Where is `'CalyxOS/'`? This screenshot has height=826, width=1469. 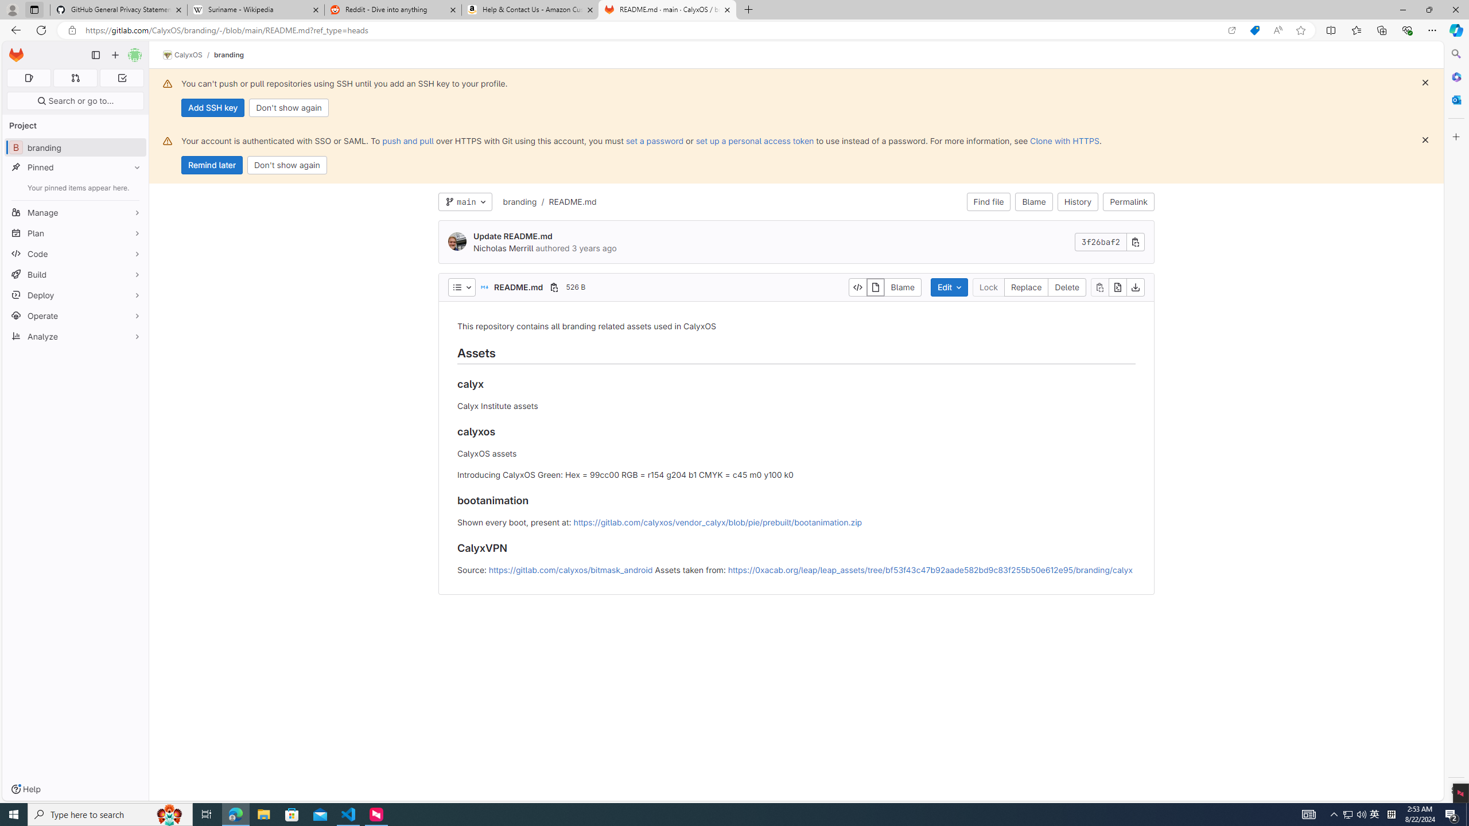
'CalyxOS/' is located at coordinates (188, 54).